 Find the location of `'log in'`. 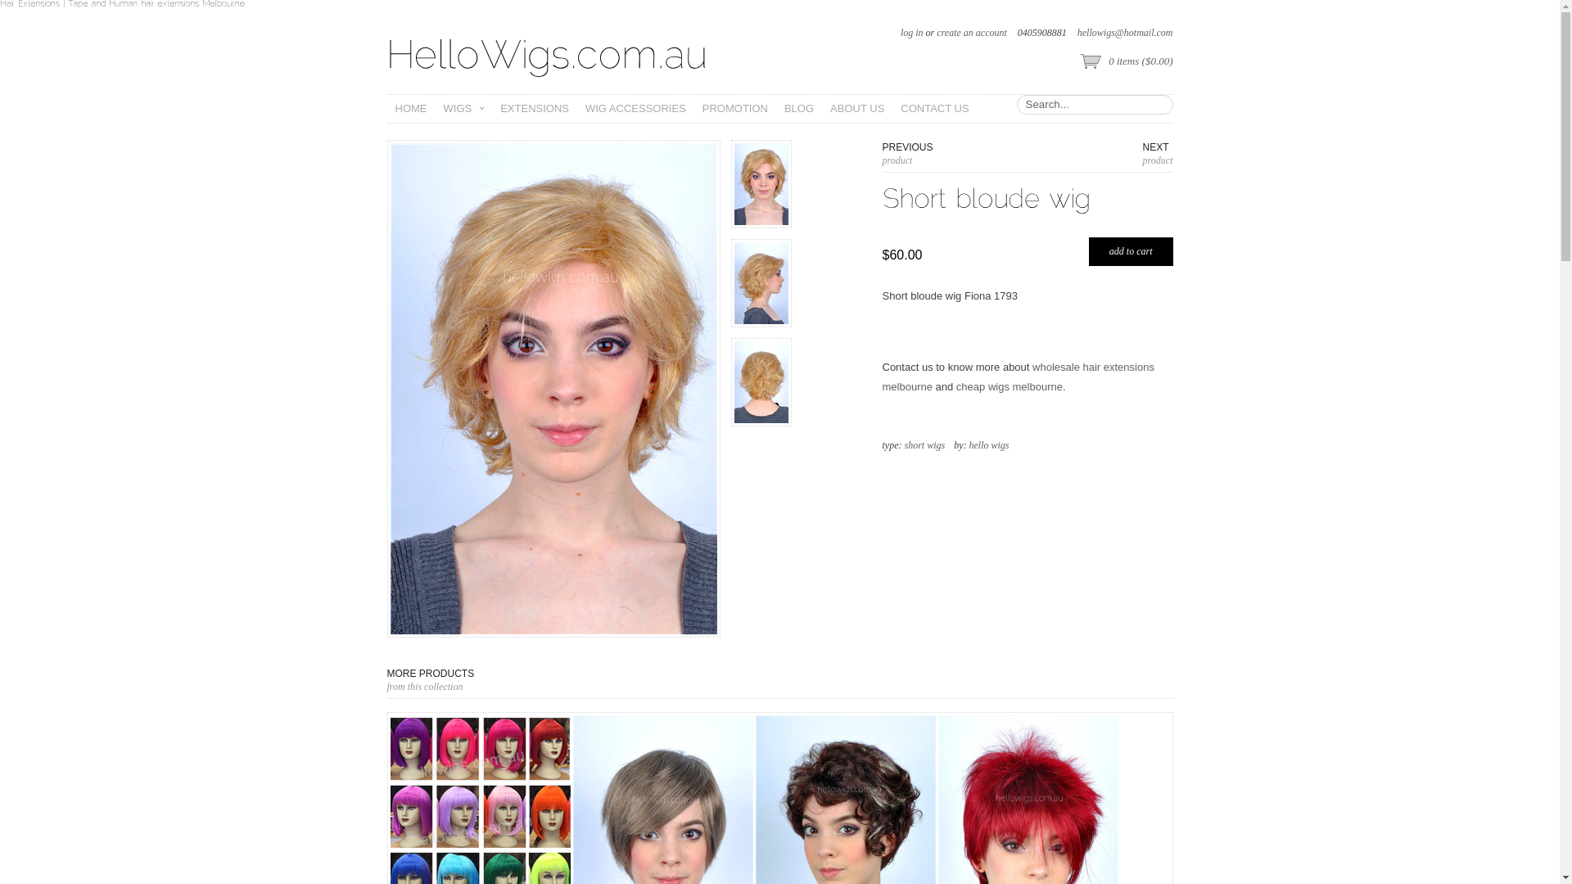

'log in' is located at coordinates (910, 32).